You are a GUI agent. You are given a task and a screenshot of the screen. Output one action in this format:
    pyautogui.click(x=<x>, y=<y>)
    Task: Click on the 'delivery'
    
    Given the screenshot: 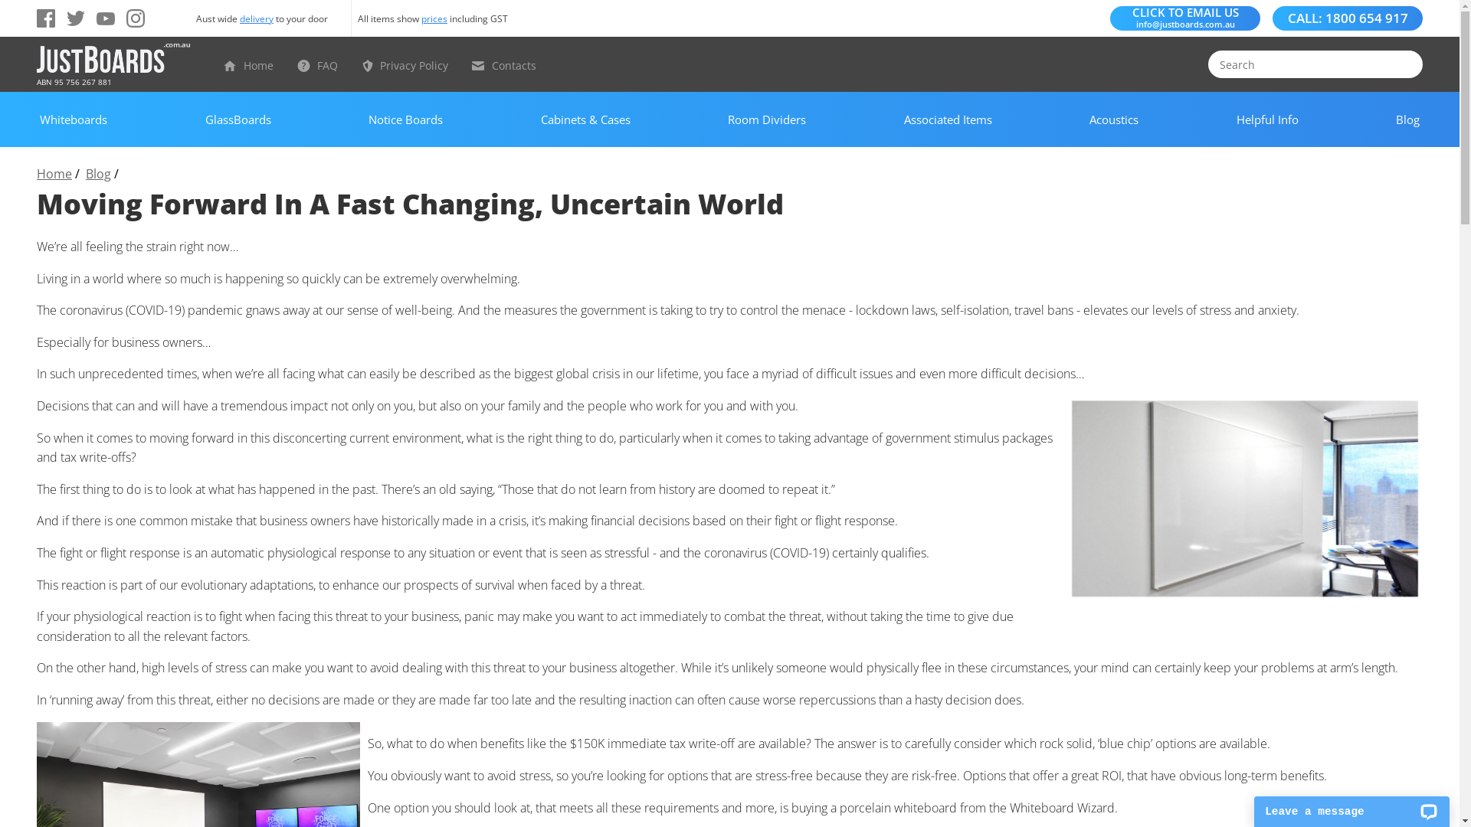 What is the action you would take?
    pyautogui.click(x=238, y=18)
    